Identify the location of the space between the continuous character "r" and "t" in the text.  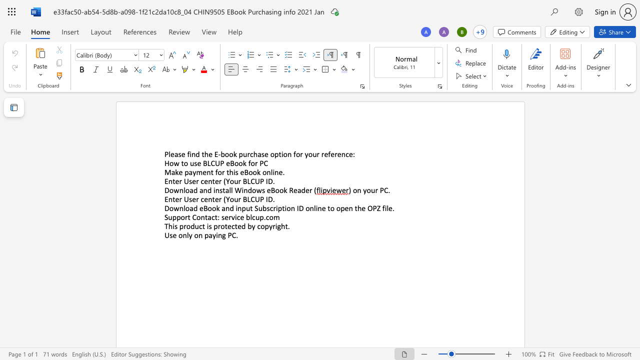
(187, 216).